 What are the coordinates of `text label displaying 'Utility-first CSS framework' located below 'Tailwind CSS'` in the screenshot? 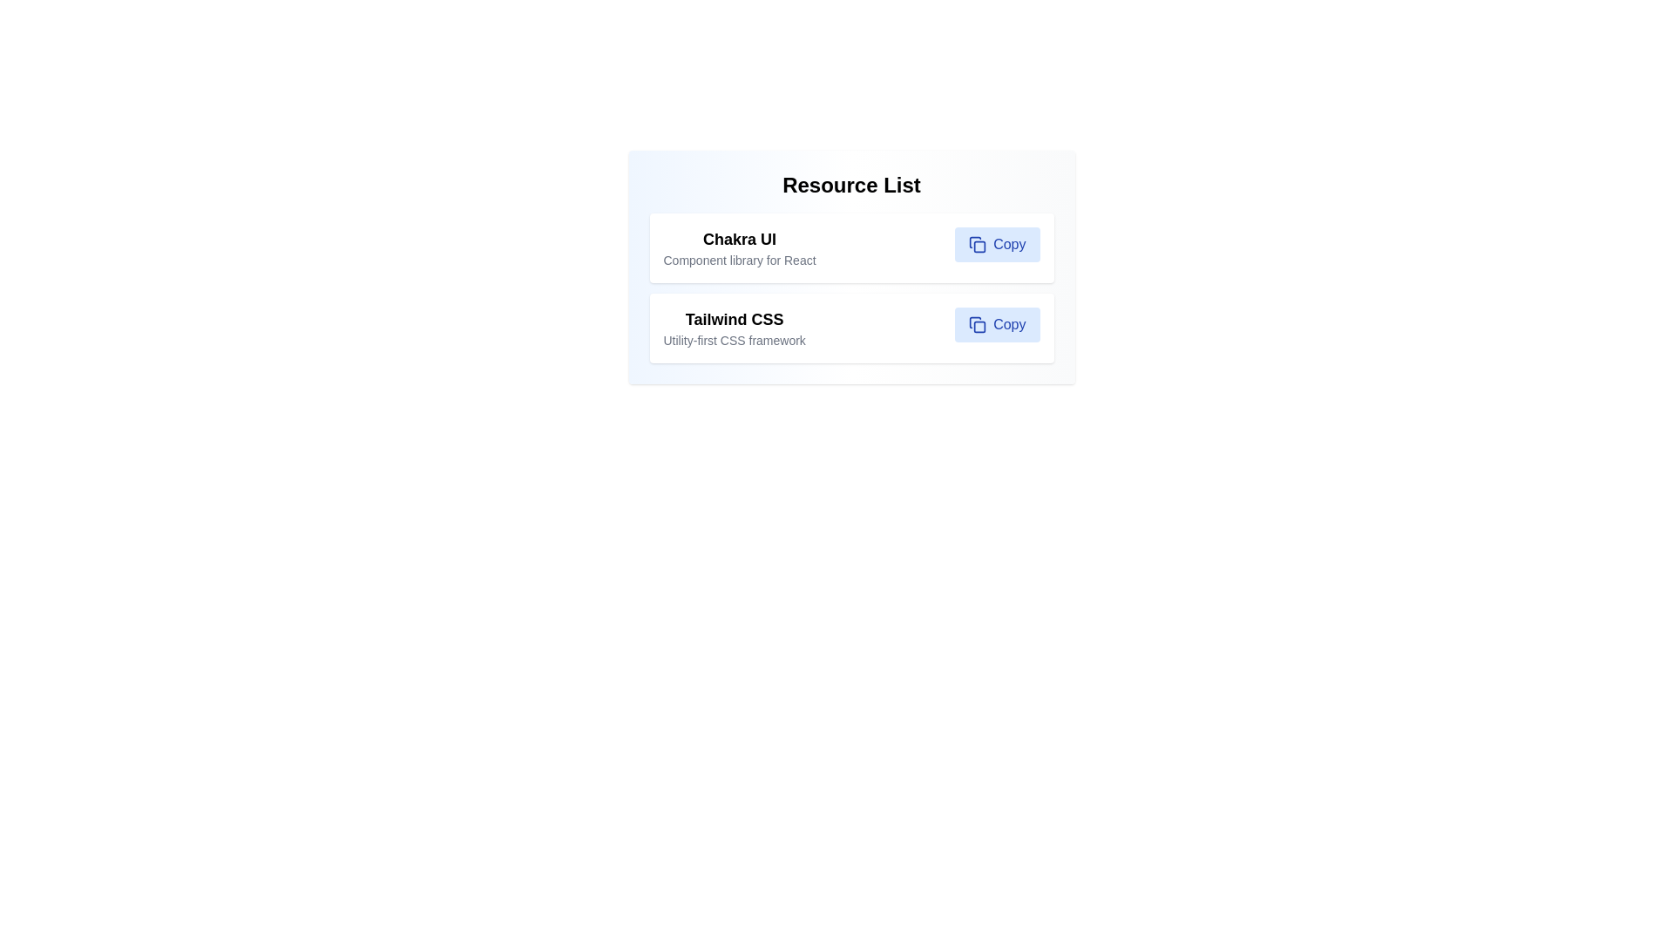 It's located at (735, 340).